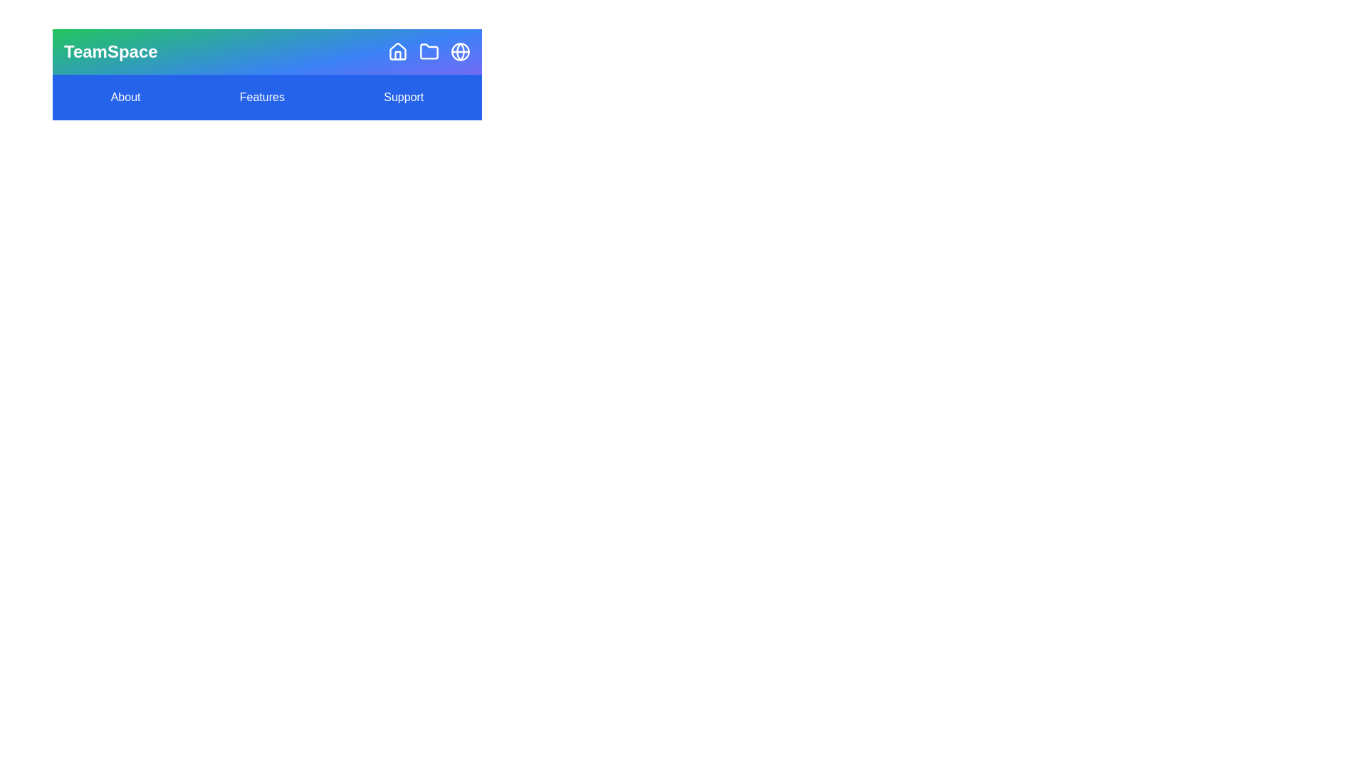  I want to click on the 'Projects' icon to view projects, so click(429, 51).